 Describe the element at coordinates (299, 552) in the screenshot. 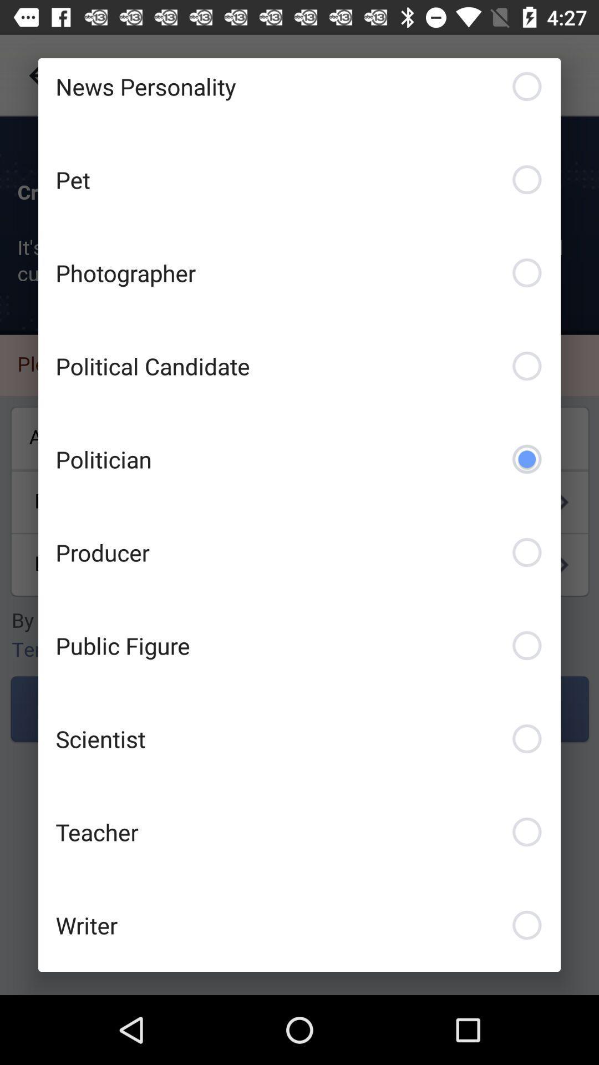

I see `the producer item` at that location.